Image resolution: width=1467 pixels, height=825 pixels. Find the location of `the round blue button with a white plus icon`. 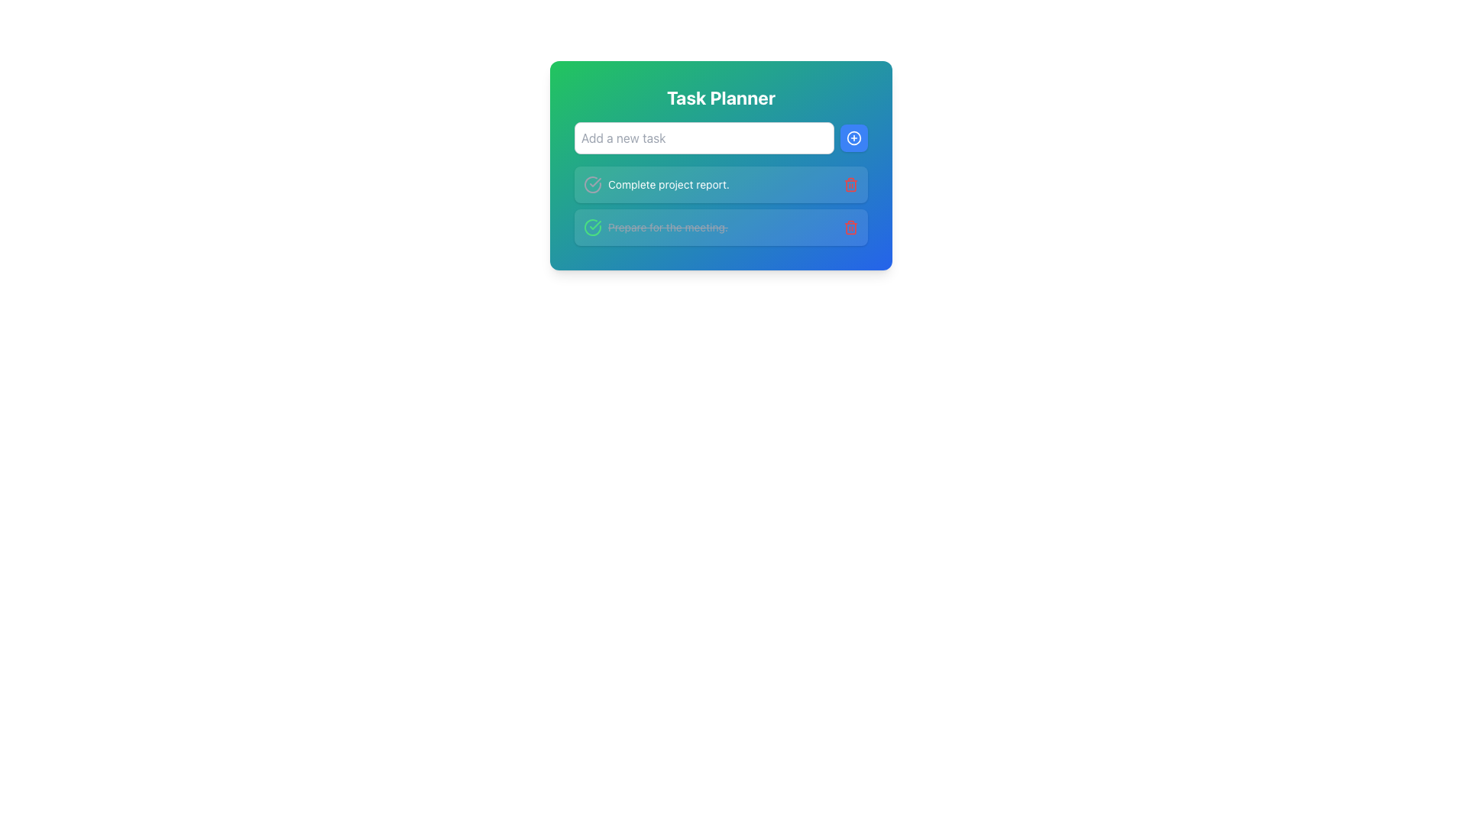

the round blue button with a white plus icon is located at coordinates (853, 138).